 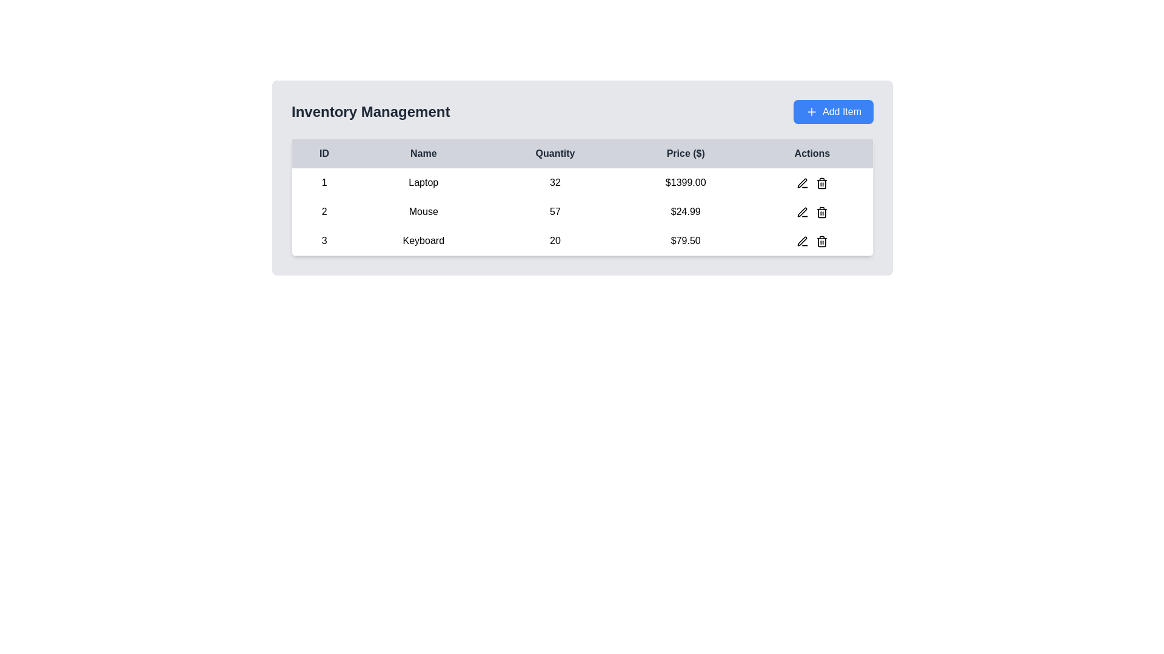 I want to click on the edit icon resembling a pen or pencil located in the first row of the 'Actions' column for the item 'Laptop', so click(x=802, y=182).